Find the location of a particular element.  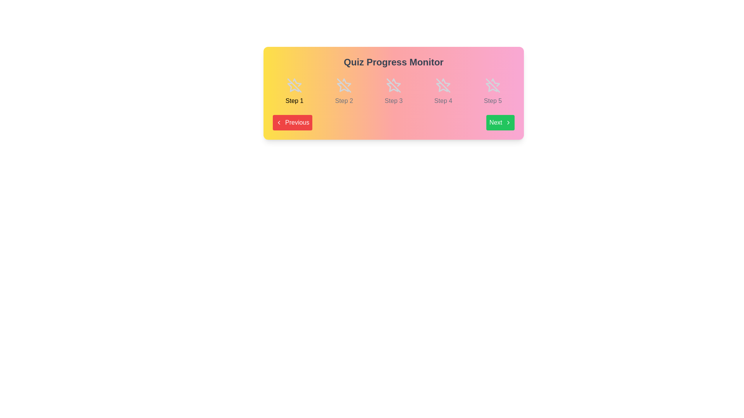

the fifth star icon in the progress tracker, which indicates the inactive status of step 5 in the quiz interface is located at coordinates (493, 85).